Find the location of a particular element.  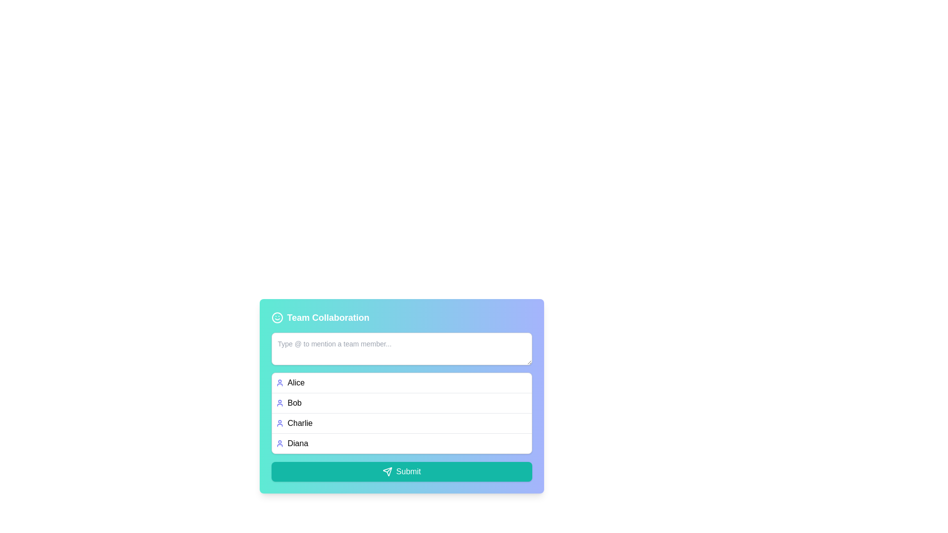

on the row item representing the user 'Bob' in the 'Team Collaboration' panel is located at coordinates (401, 400).